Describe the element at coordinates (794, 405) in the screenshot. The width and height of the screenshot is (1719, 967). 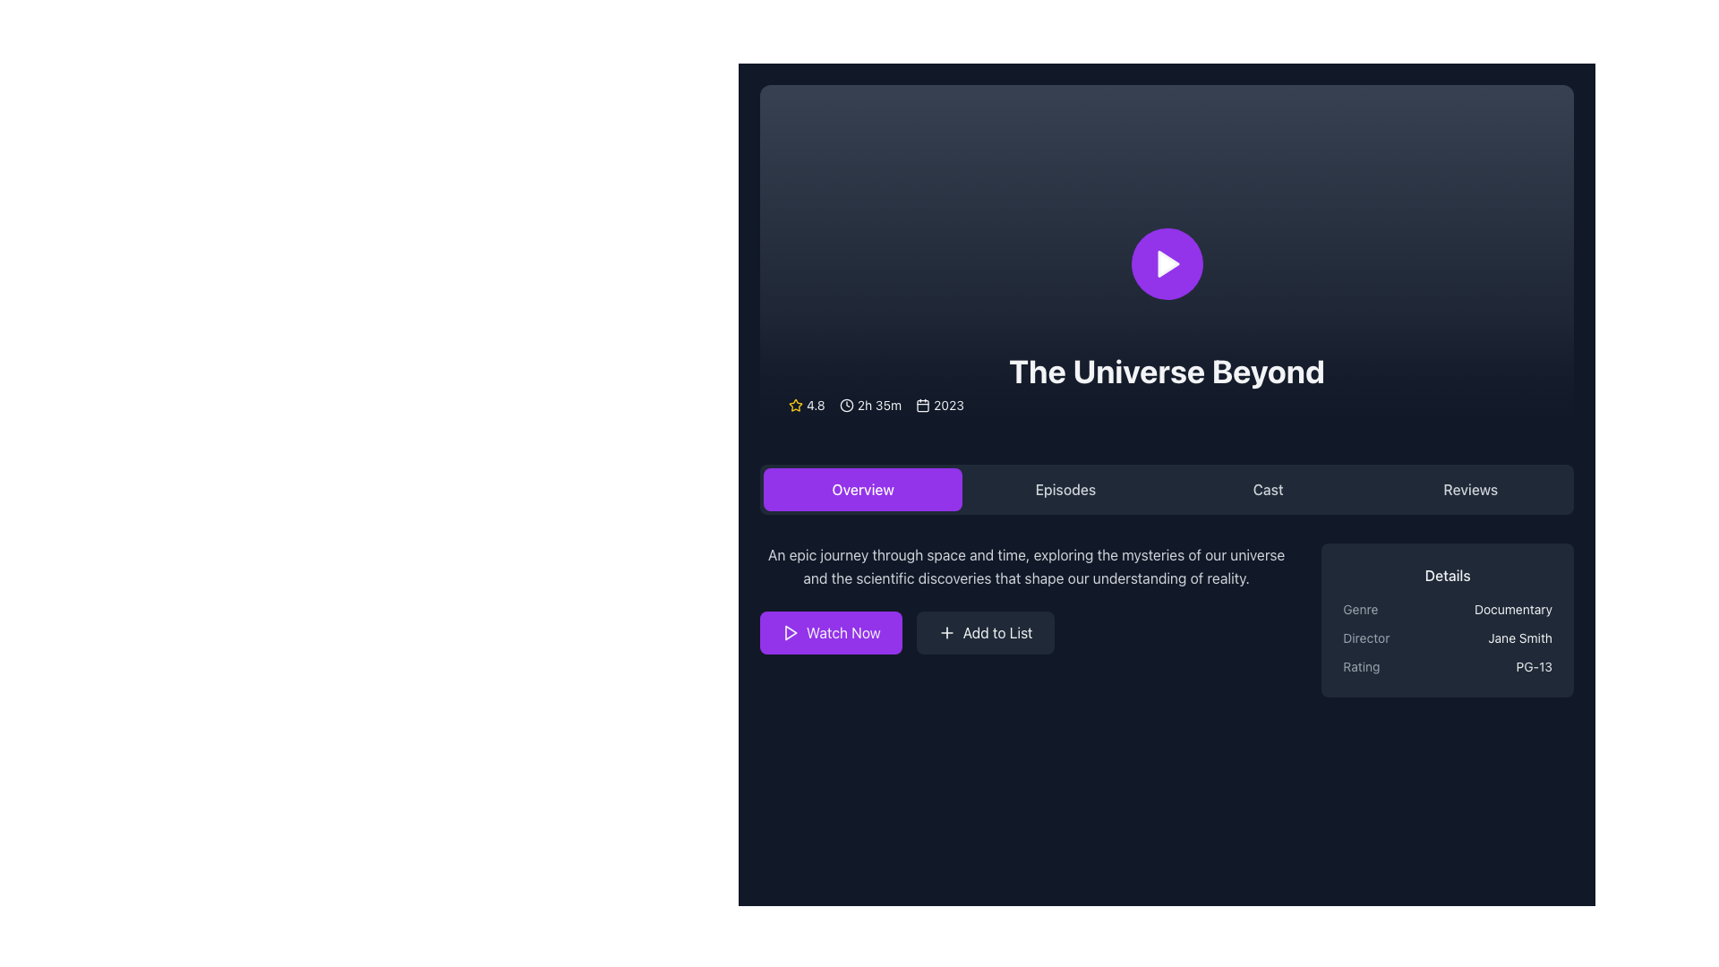
I see `the decorative star icon with a yellow border representing an active rating, which is located immediately before the numeric '4.8' rating label` at that location.